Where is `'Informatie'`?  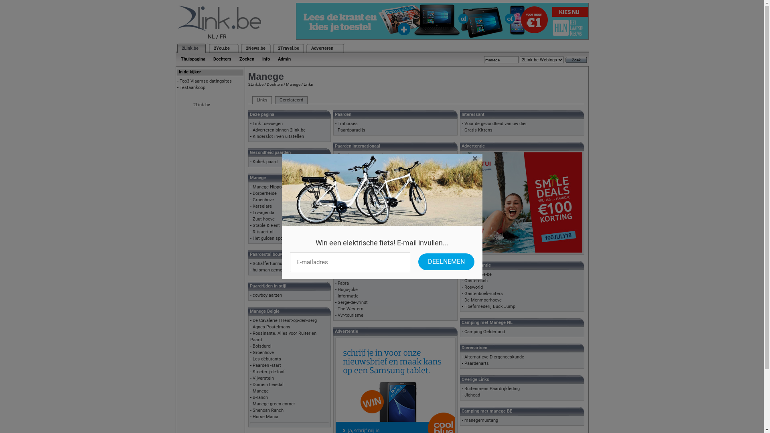
'Informatie' is located at coordinates (348, 296).